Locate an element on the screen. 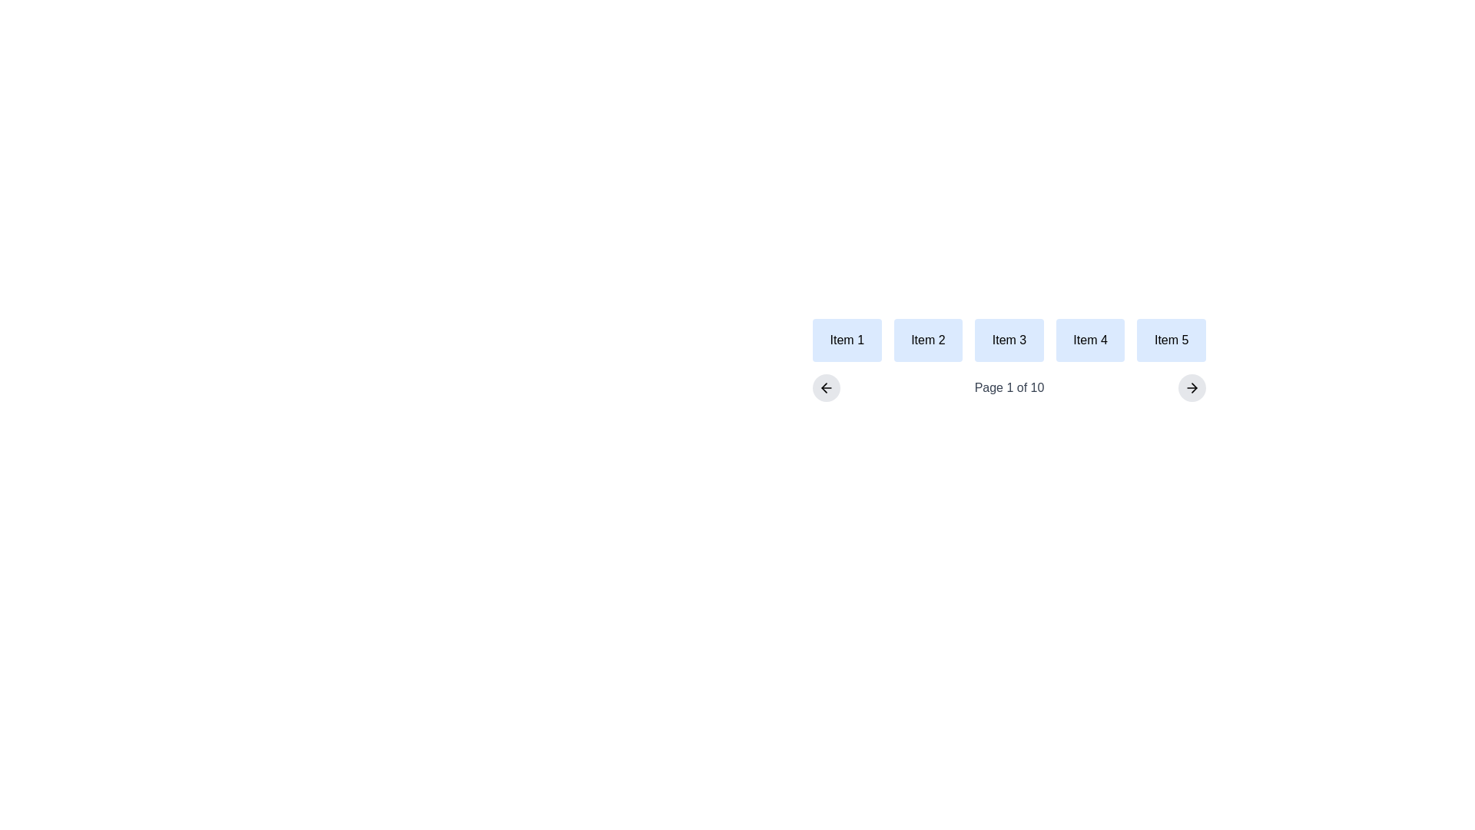 This screenshot has height=830, width=1475. the right-pointing arrow icon button located at the far-right end of the page navigation section is located at coordinates (1191, 387).